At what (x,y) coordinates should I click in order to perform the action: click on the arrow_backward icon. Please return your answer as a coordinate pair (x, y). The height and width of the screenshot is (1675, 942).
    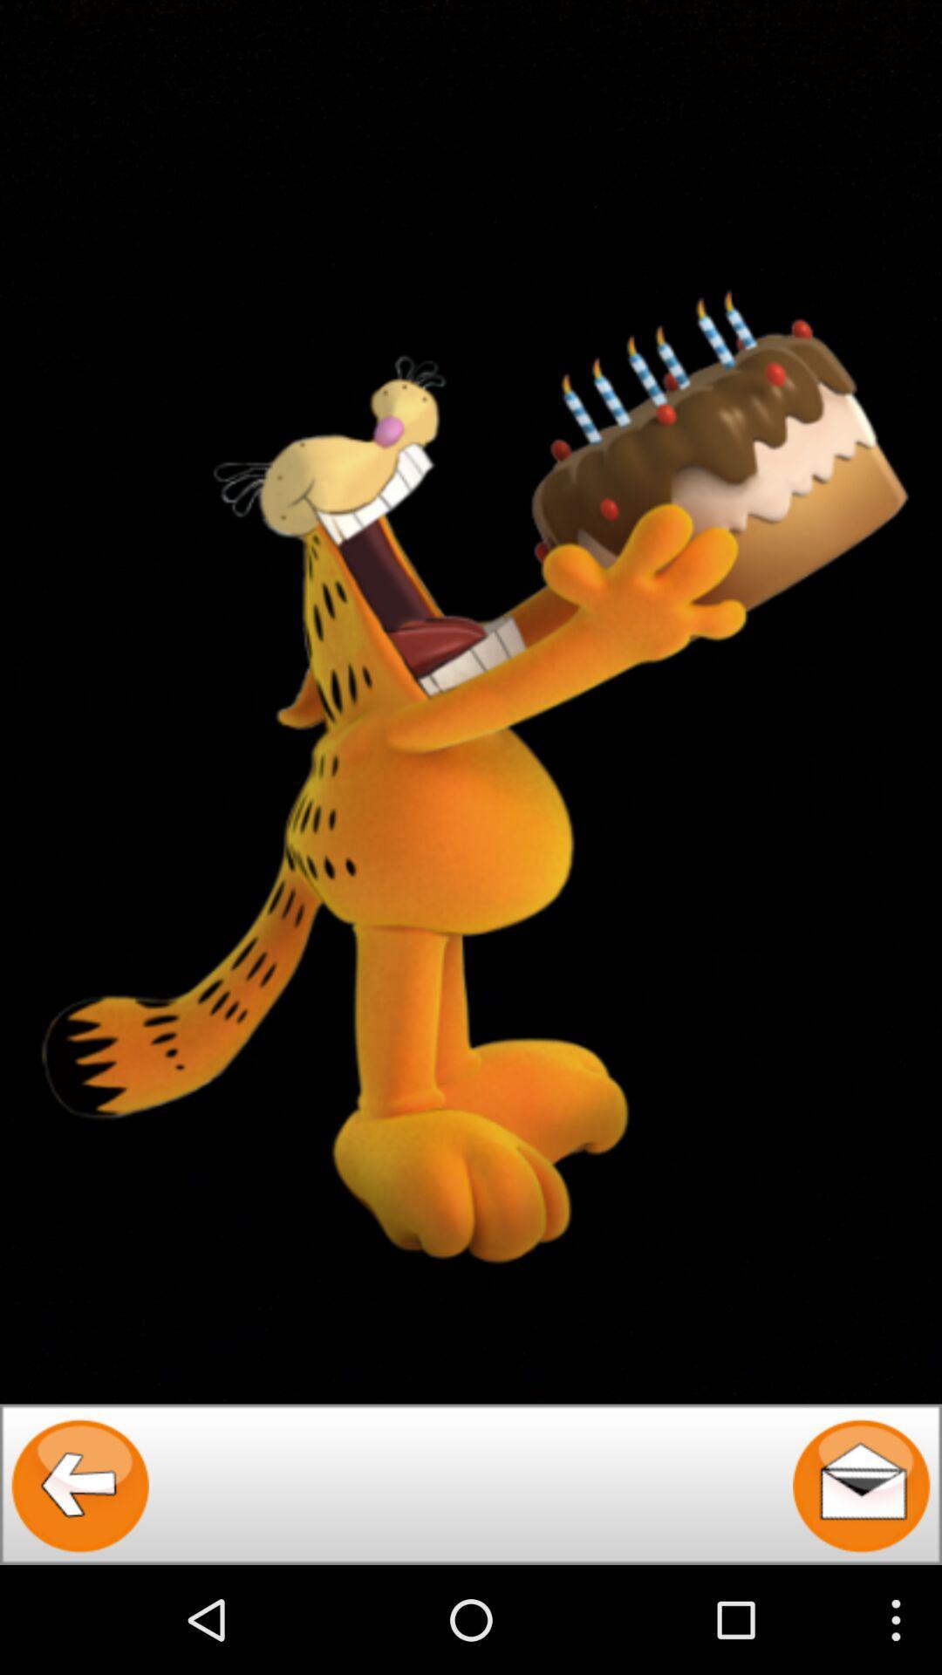
    Looking at the image, I should click on (80, 1589).